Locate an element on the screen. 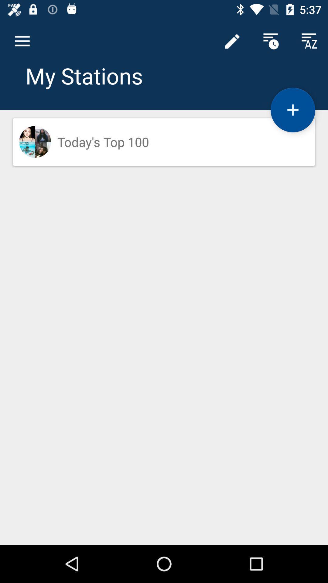 The image size is (328, 583). the add icon is located at coordinates (292, 110).